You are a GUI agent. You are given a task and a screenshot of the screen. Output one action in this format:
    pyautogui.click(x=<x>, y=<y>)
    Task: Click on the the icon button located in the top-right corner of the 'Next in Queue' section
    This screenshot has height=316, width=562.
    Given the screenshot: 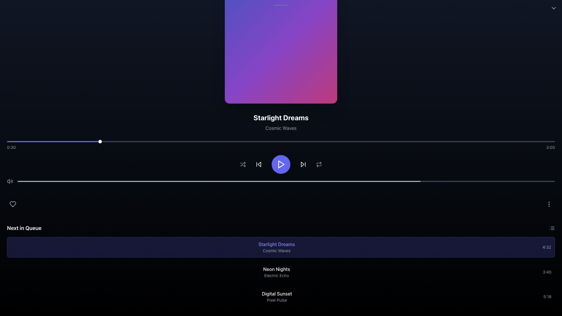 What is the action you would take?
    pyautogui.click(x=552, y=228)
    